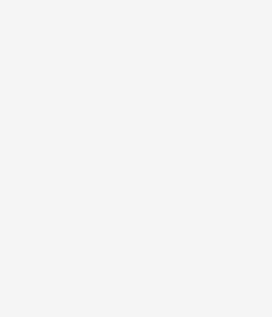  Describe the element at coordinates (38, 191) in the screenshot. I see `'blogger, brand or destination management organization'` at that location.